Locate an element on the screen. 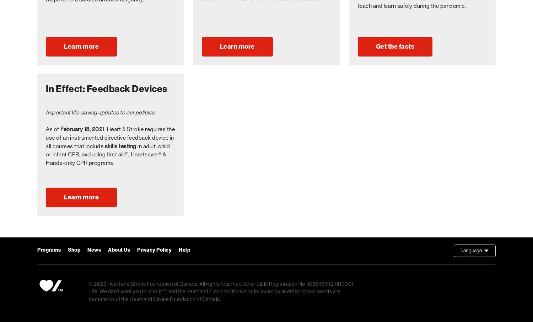 Image resolution: width=533 pixels, height=322 pixels. 'Privacy Policy' is located at coordinates (154, 249).